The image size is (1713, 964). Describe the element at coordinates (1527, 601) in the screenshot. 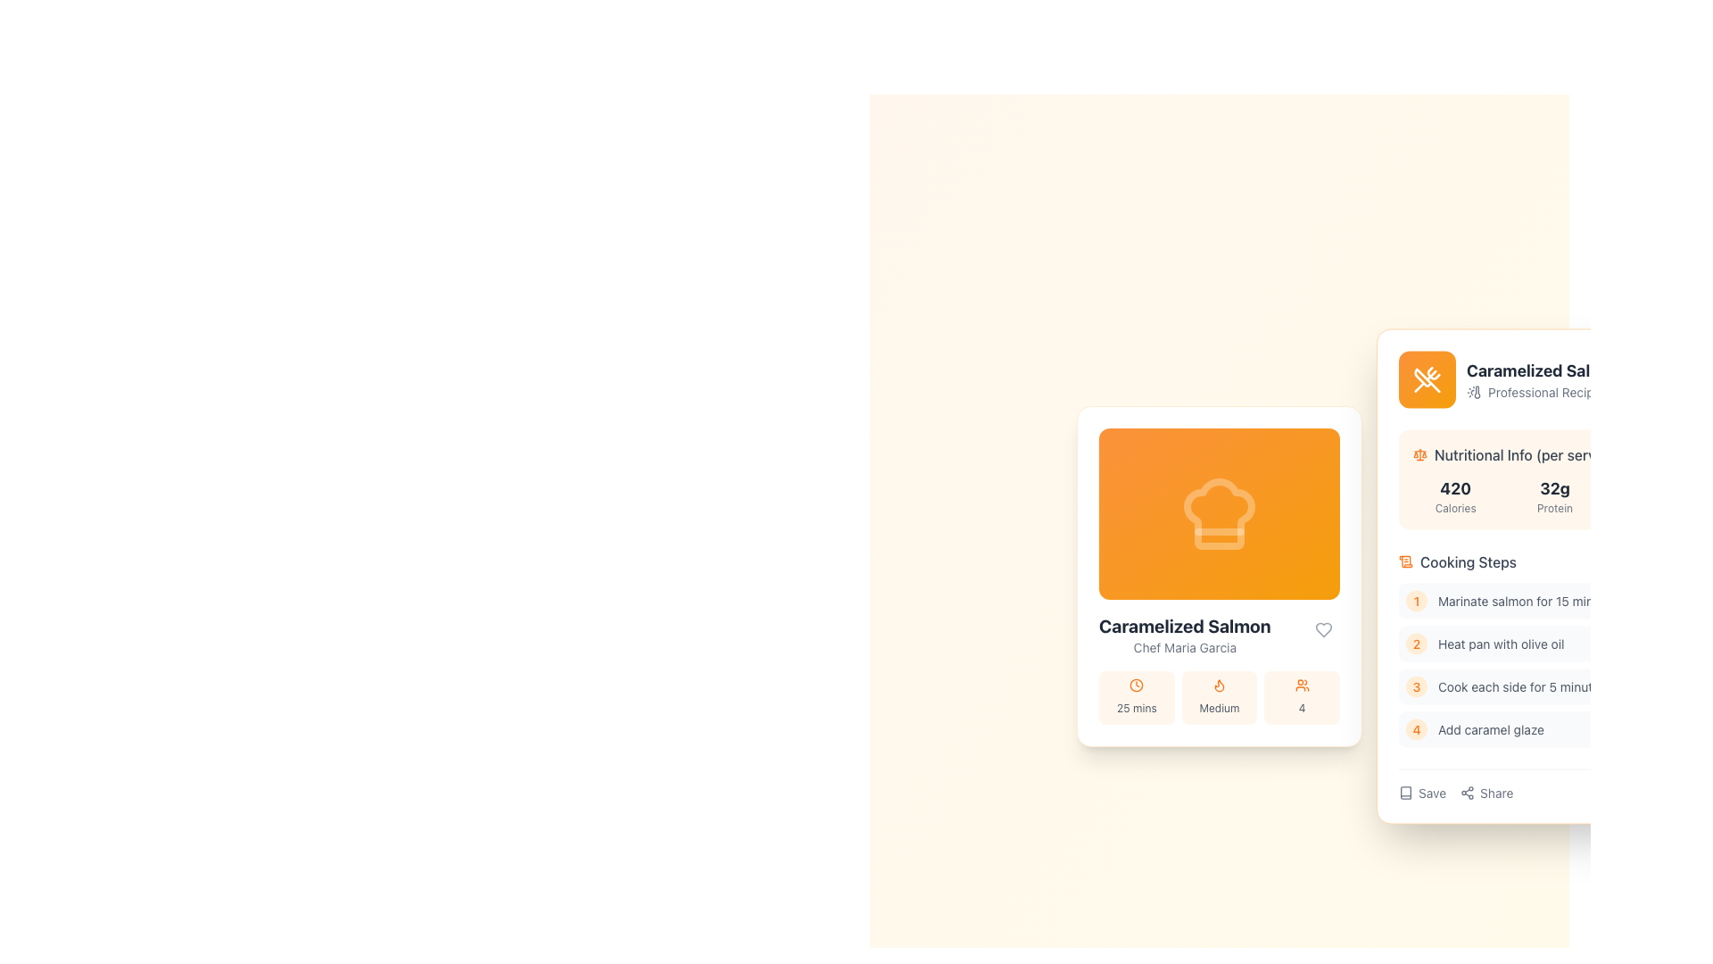

I see `the text label displaying 'Marinate salmon for 15 minutes' in the cooking steps list` at that location.